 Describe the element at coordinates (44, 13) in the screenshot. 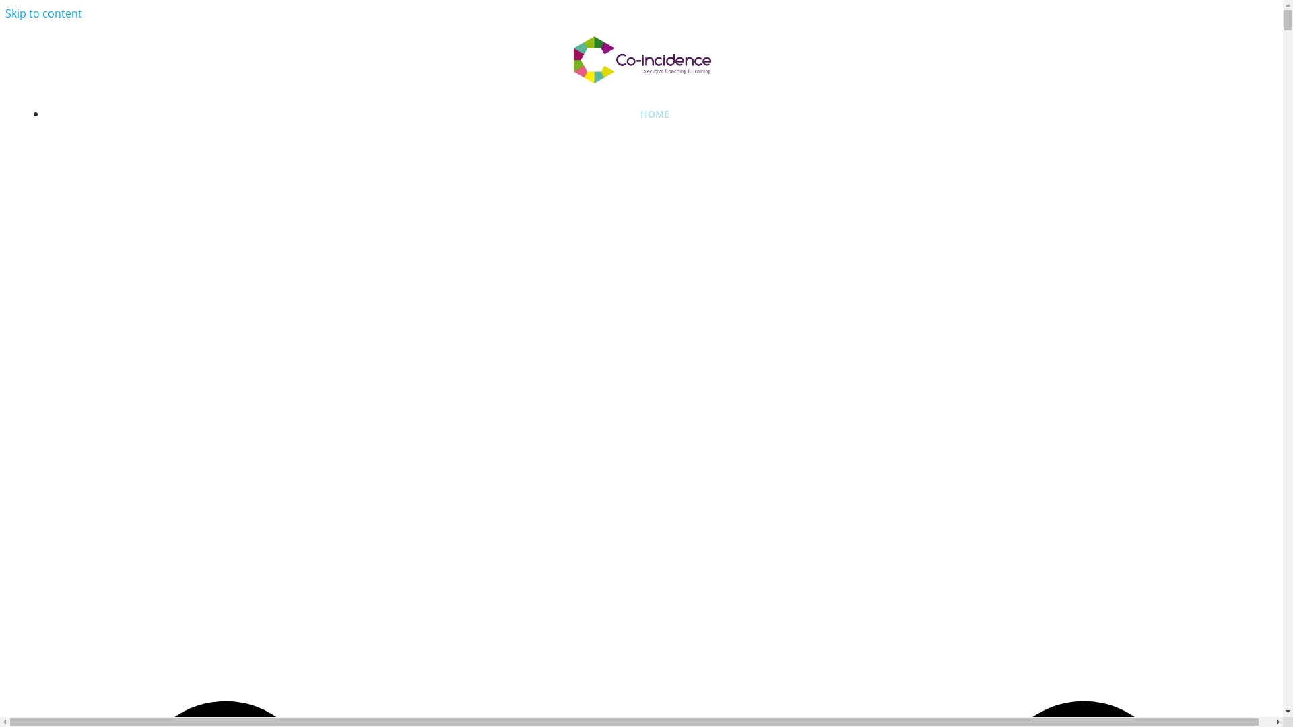

I see `'Skip to content'` at that location.